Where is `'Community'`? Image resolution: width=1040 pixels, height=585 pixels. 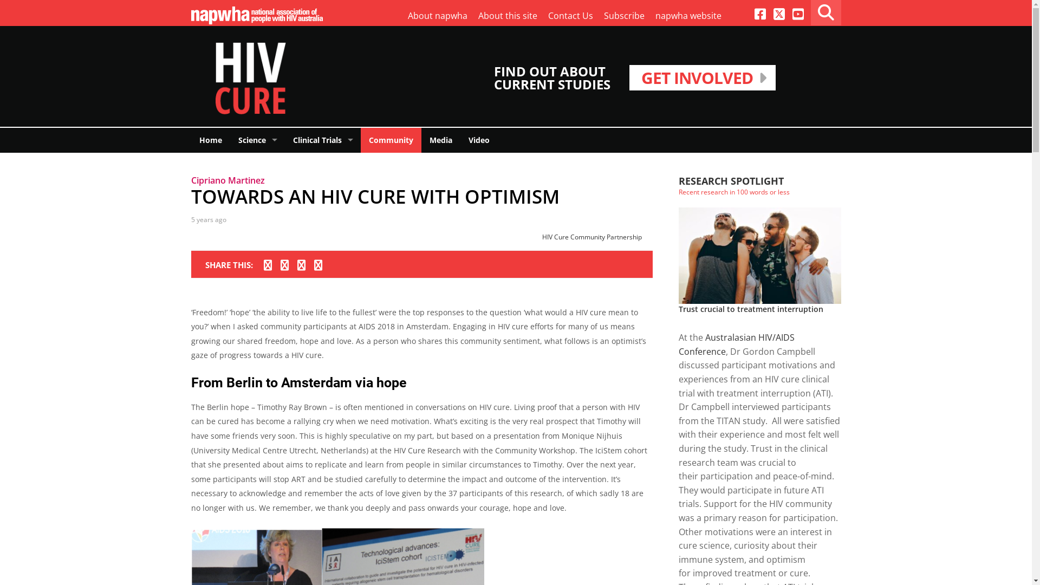
'Community' is located at coordinates (390, 139).